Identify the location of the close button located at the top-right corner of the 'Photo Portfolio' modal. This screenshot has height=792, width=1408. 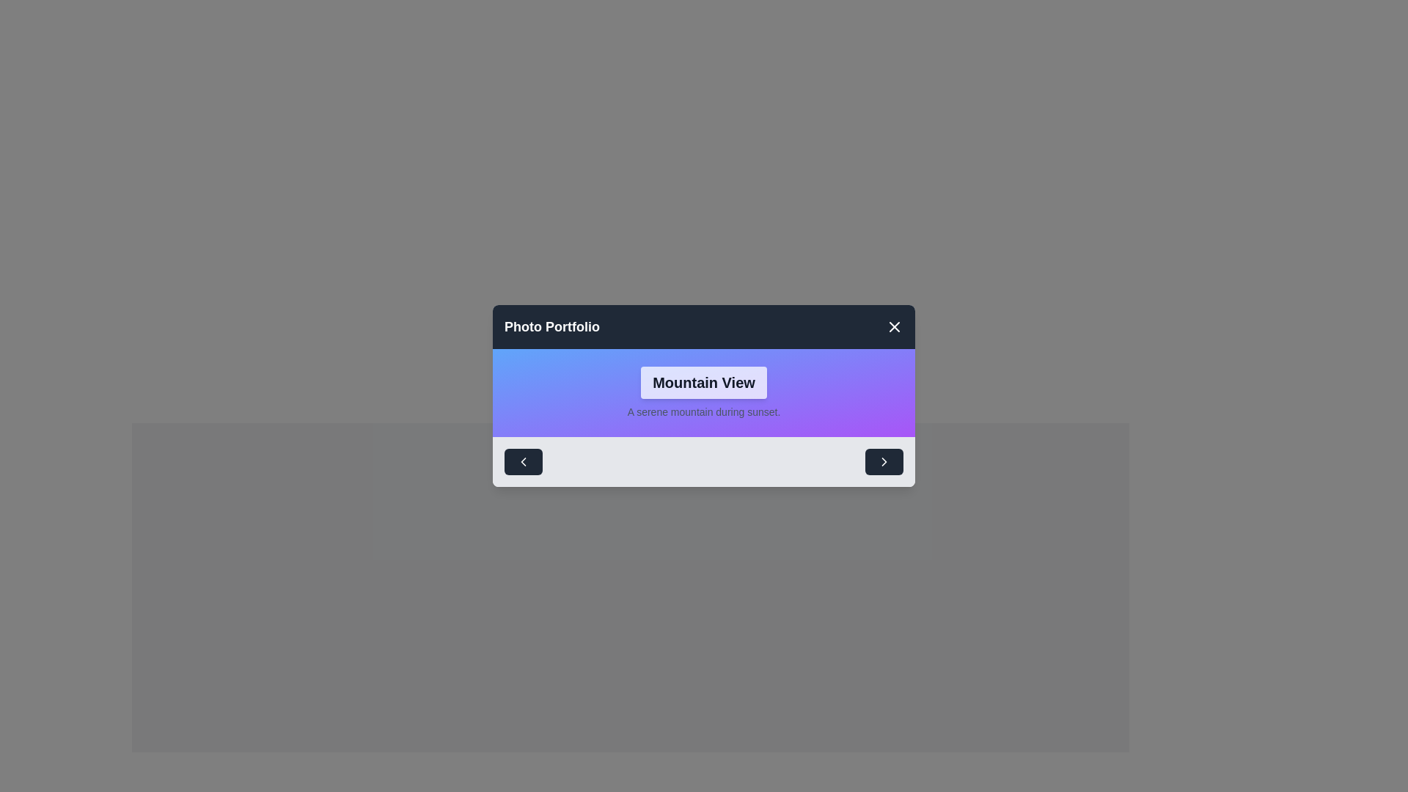
(893, 326).